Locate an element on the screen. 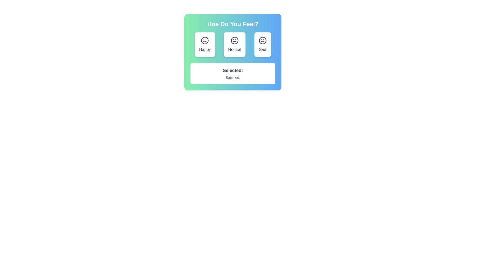 The height and width of the screenshot is (272, 485). the Sad button to select the corresponding emotion is located at coordinates (262, 44).